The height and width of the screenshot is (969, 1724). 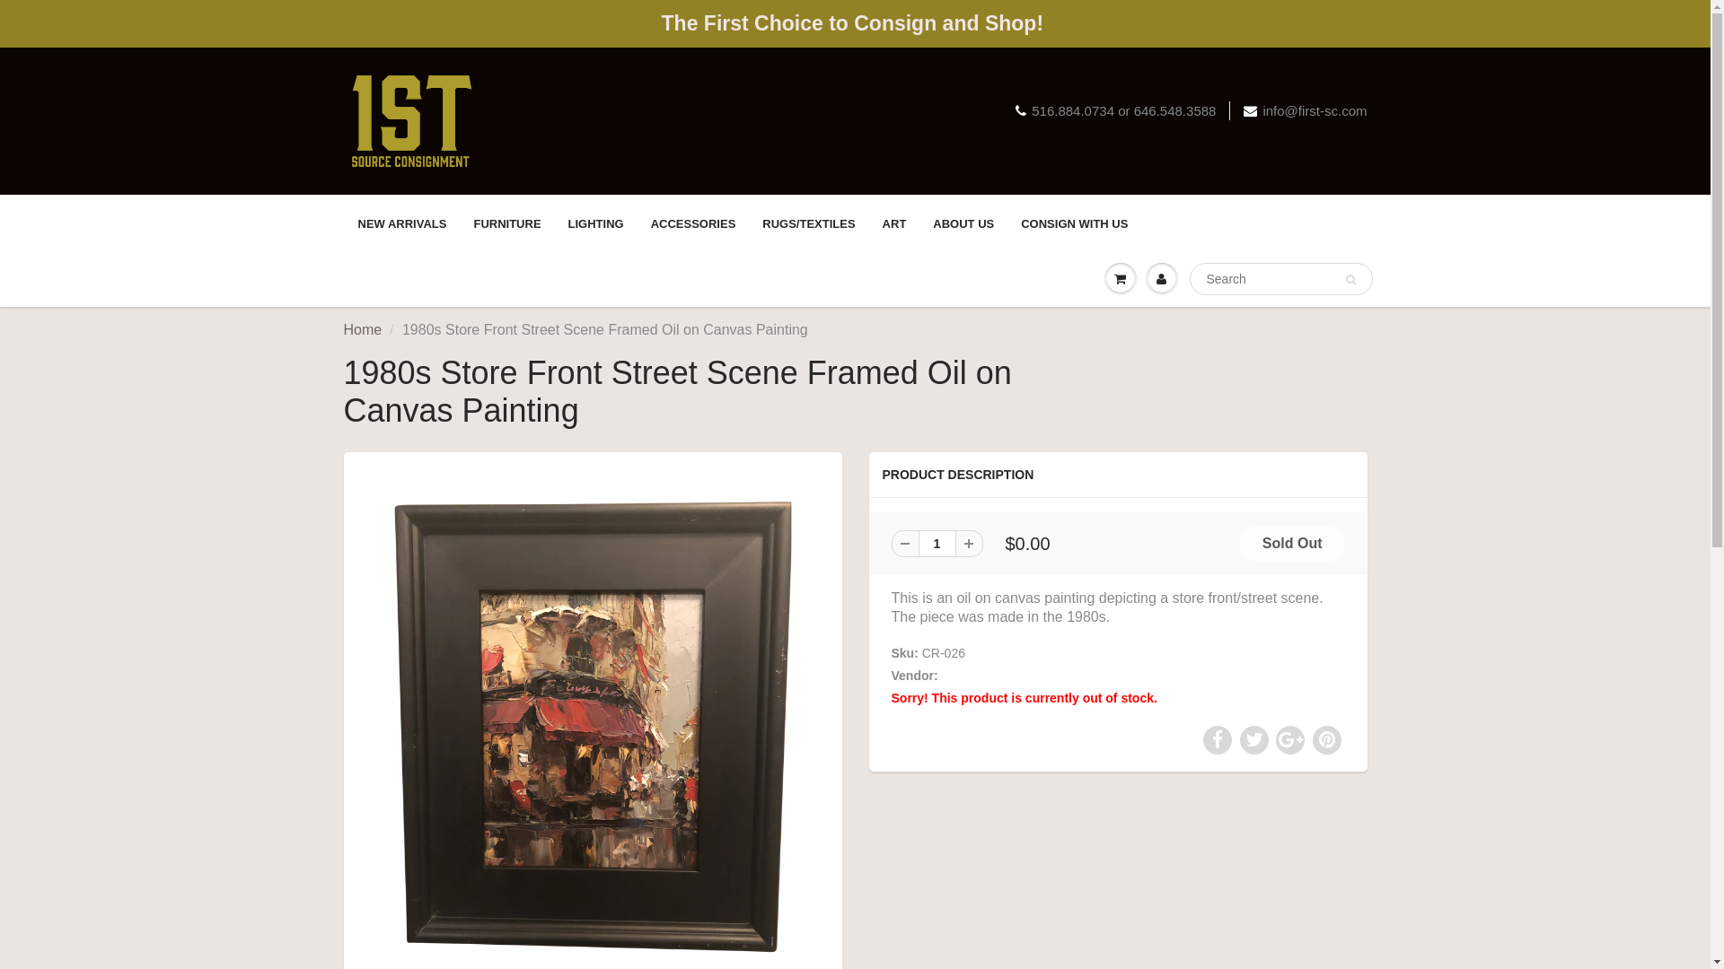 I want to click on 'ACCESSORIES', so click(x=692, y=223).